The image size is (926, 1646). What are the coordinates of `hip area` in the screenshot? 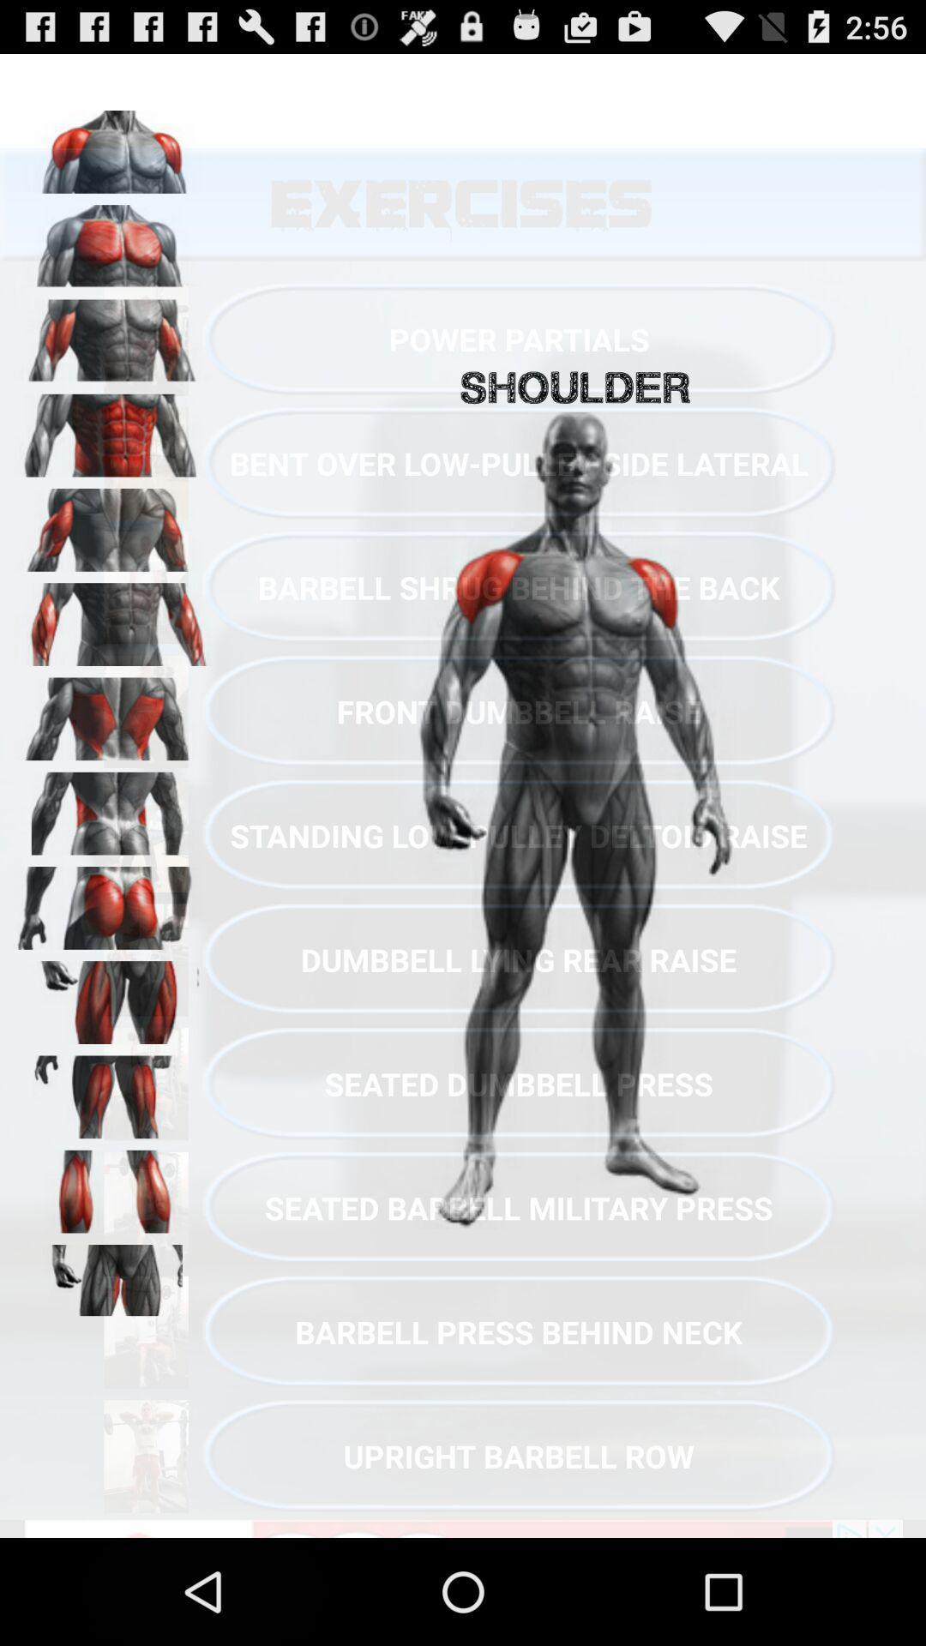 It's located at (112, 807).